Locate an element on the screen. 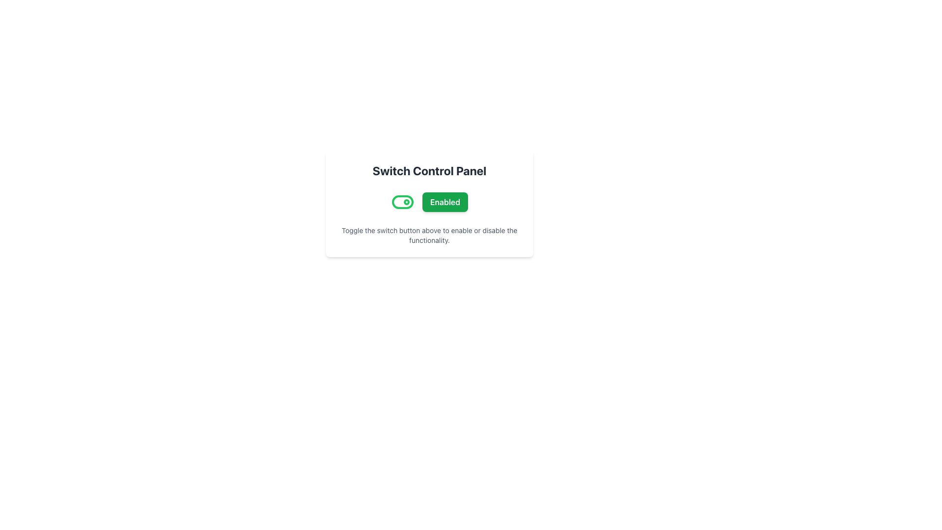 The image size is (942, 530). the text that reads 'Toggle the switch button above to enable or disable the functionality.' located at the bottom of the Switch Control Panel is located at coordinates (429, 235).